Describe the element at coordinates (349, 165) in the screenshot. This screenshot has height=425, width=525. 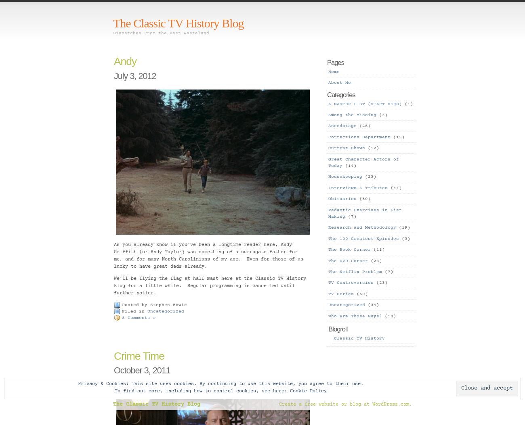
I see `'(14)'` at that location.